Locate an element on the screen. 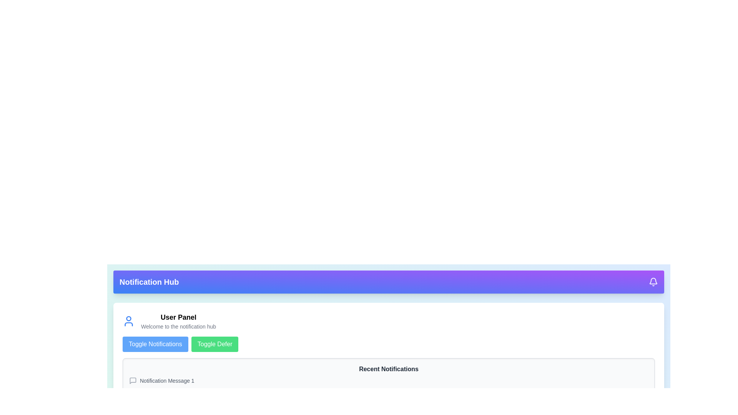 The width and height of the screenshot is (738, 415). text block containing the bold header 'User Panel' and the subtitle 'Welcome to the notification hub', which is positioned slightly to the right of a user icon graphic is located at coordinates (178, 321).